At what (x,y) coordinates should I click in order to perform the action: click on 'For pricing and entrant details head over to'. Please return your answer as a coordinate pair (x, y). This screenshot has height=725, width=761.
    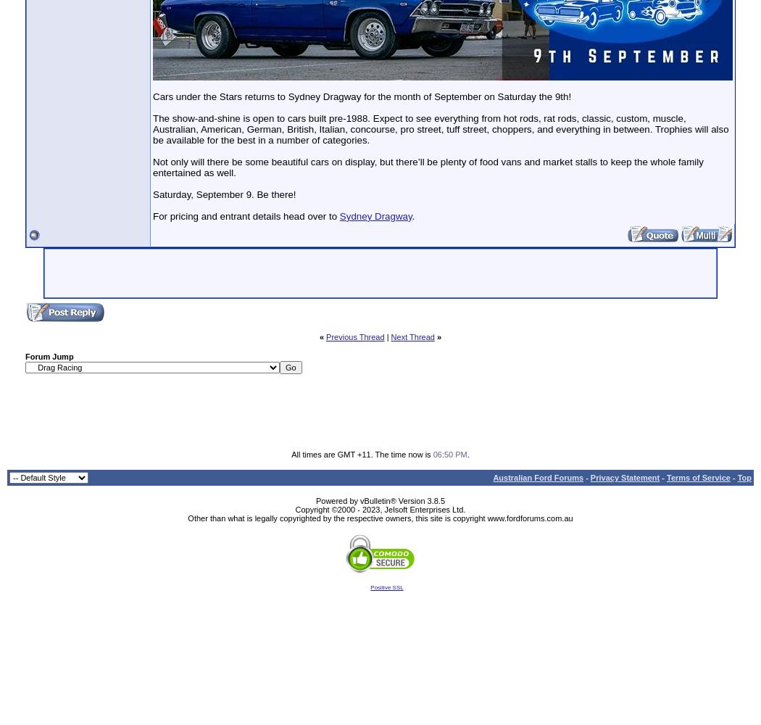
    Looking at the image, I should click on (245, 215).